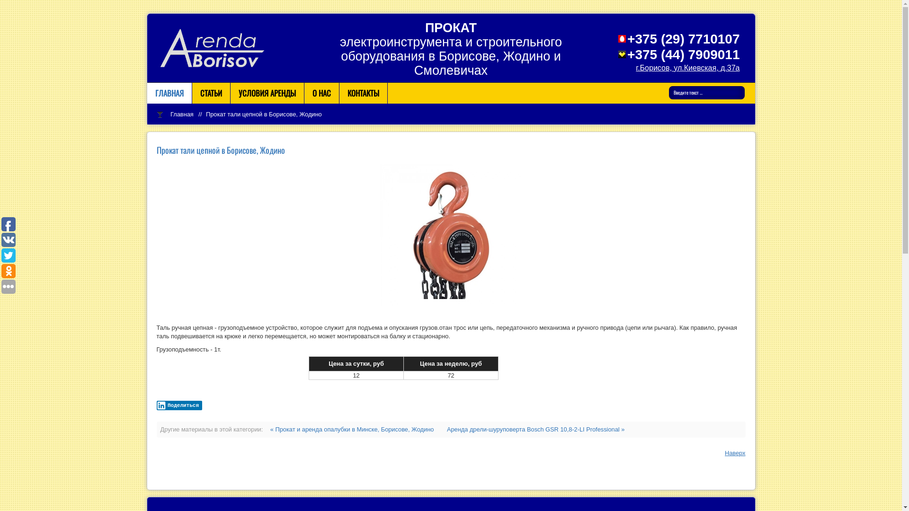 This screenshot has height=511, width=909. What do you see at coordinates (683, 38) in the screenshot?
I see `'+375 (29) 7710107'` at bounding box center [683, 38].